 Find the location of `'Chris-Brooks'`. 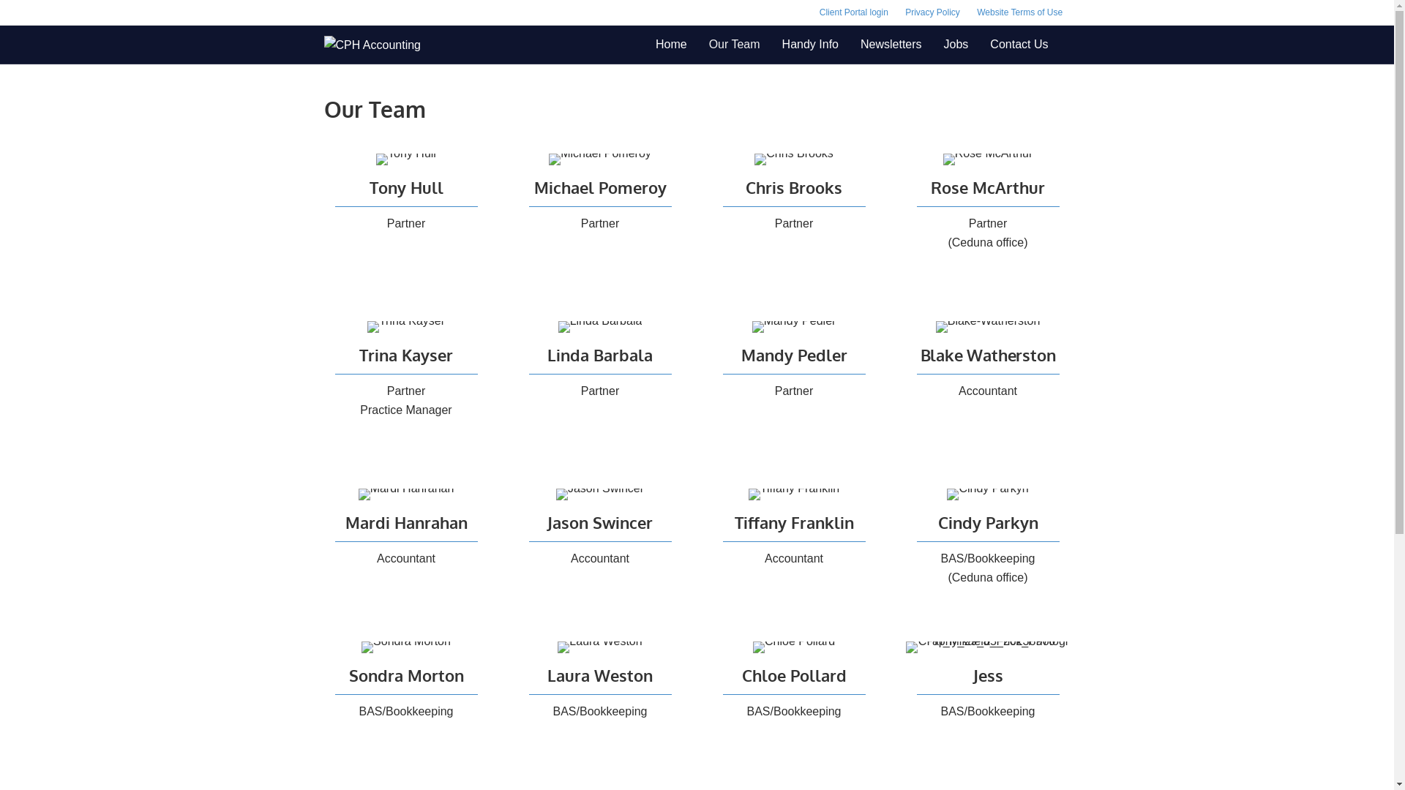

'Chris-Brooks' is located at coordinates (793, 159).